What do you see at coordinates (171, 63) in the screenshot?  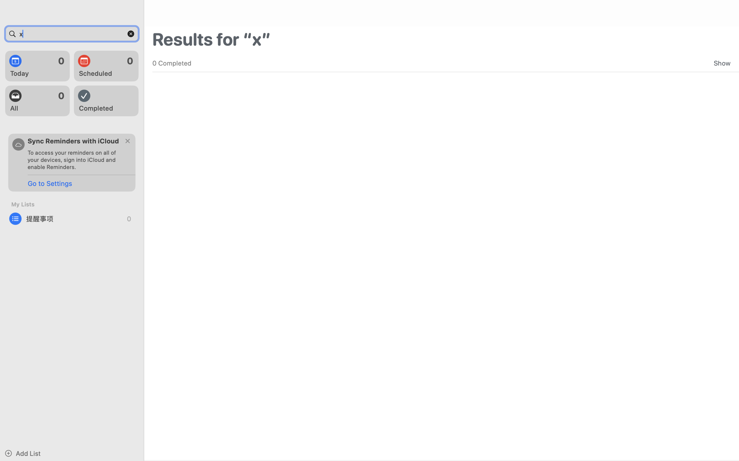 I see `'0 Completed'` at bounding box center [171, 63].